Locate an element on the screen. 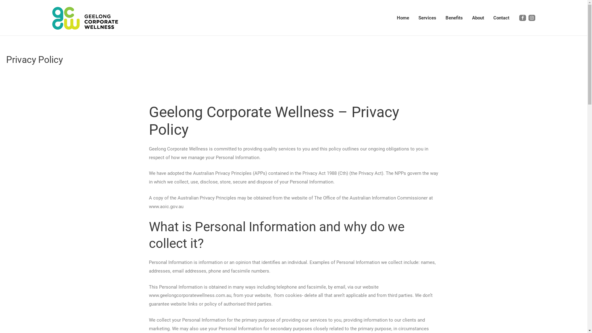 The height and width of the screenshot is (333, 592). 'Services' is located at coordinates (427, 17).